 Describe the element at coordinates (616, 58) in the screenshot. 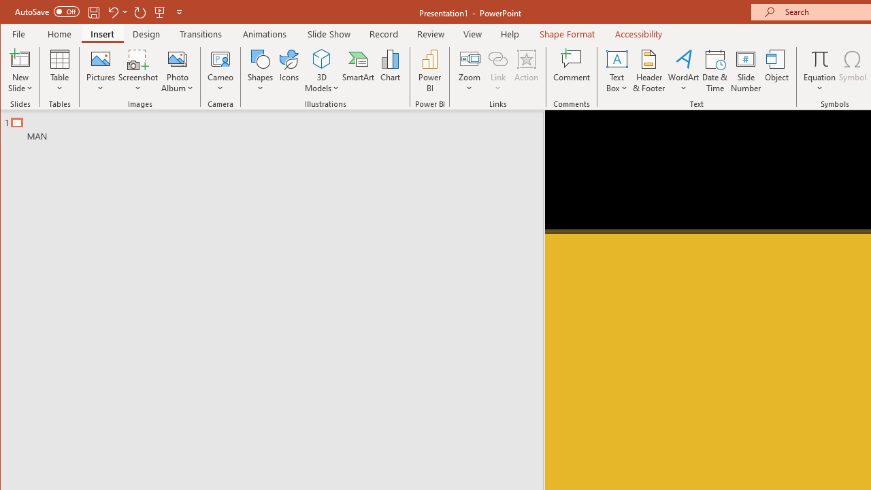

I see `'Draw Horizontal Text Box'` at that location.